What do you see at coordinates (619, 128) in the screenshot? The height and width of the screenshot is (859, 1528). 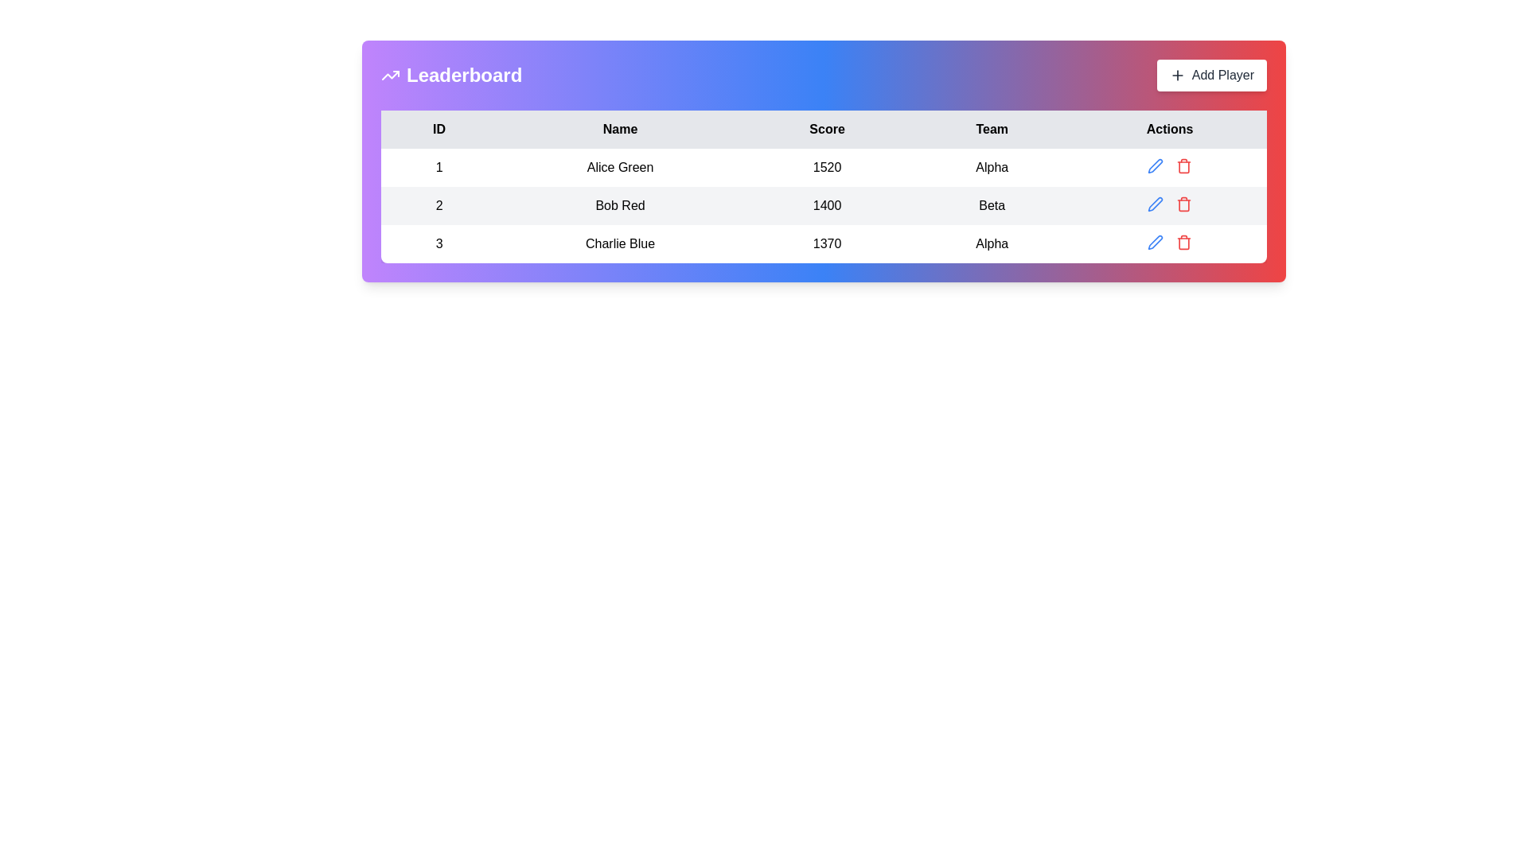 I see `the 'Name' table column header, which is the second column header in the table, styled with a bold font on a light gray background` at bounding box center [619, 128].